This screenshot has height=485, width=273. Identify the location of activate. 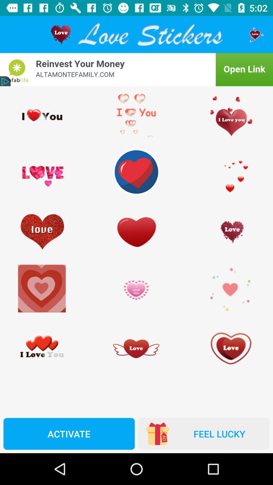
(69, 433).